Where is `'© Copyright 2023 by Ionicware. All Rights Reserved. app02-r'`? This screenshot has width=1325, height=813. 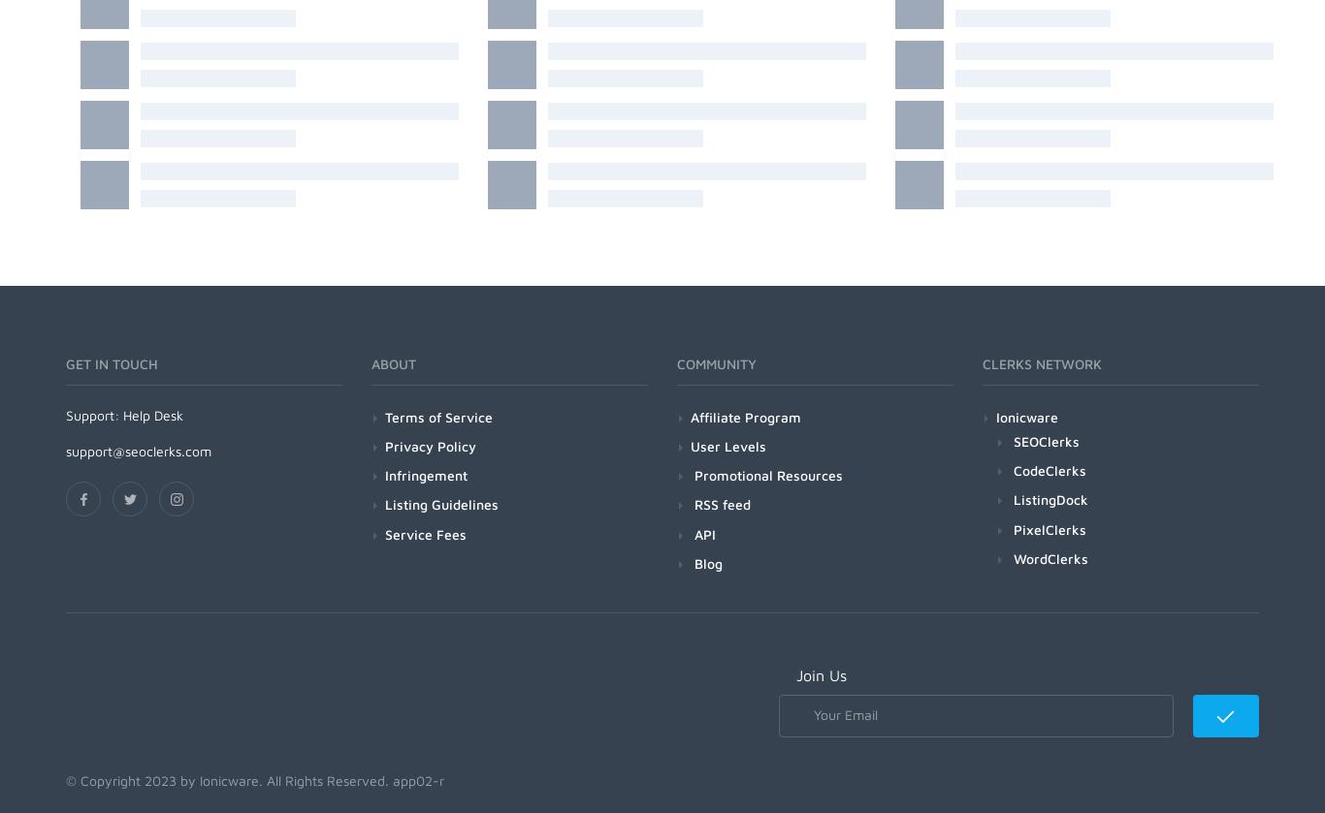 '© Copyright 2023 by Ionicware. All Rights Reserved. app02-r' is located at coordinates (254, 778).